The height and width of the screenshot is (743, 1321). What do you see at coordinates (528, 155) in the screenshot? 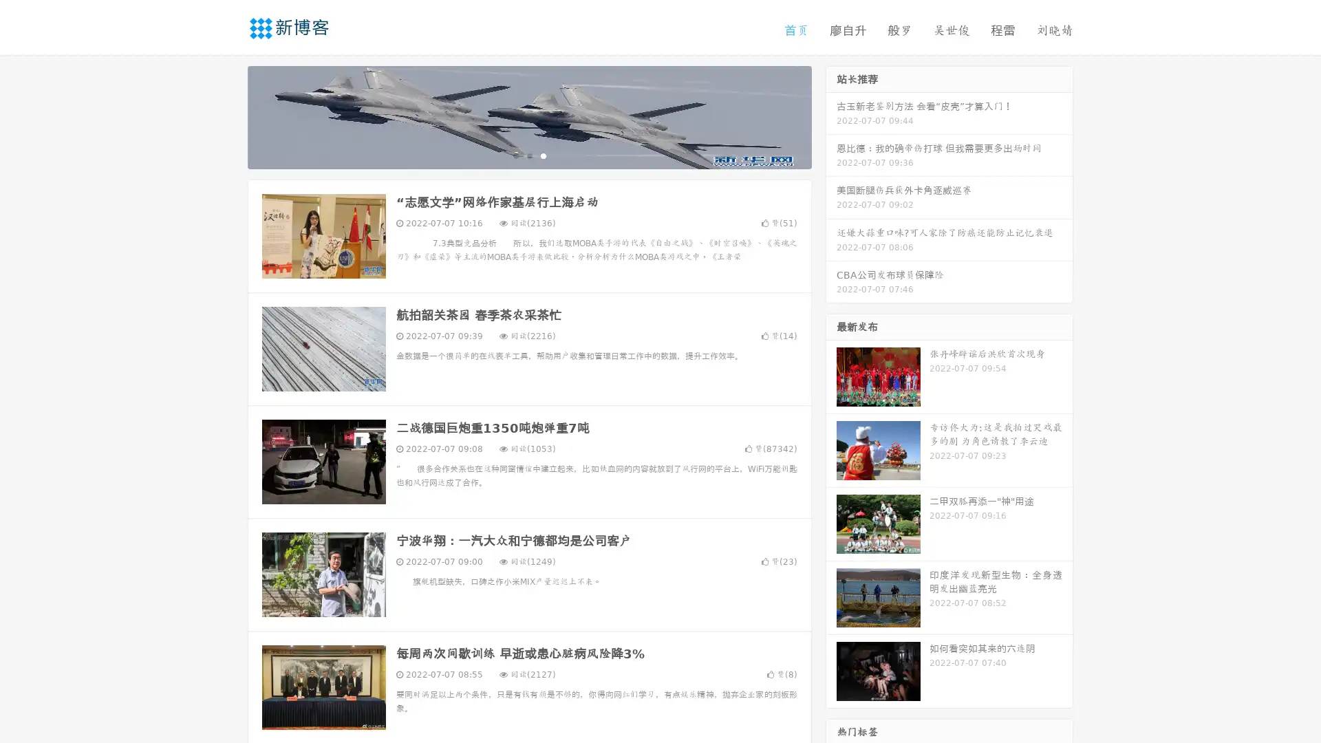
I see `Go to slide 2` at bounding box center [528, 155].